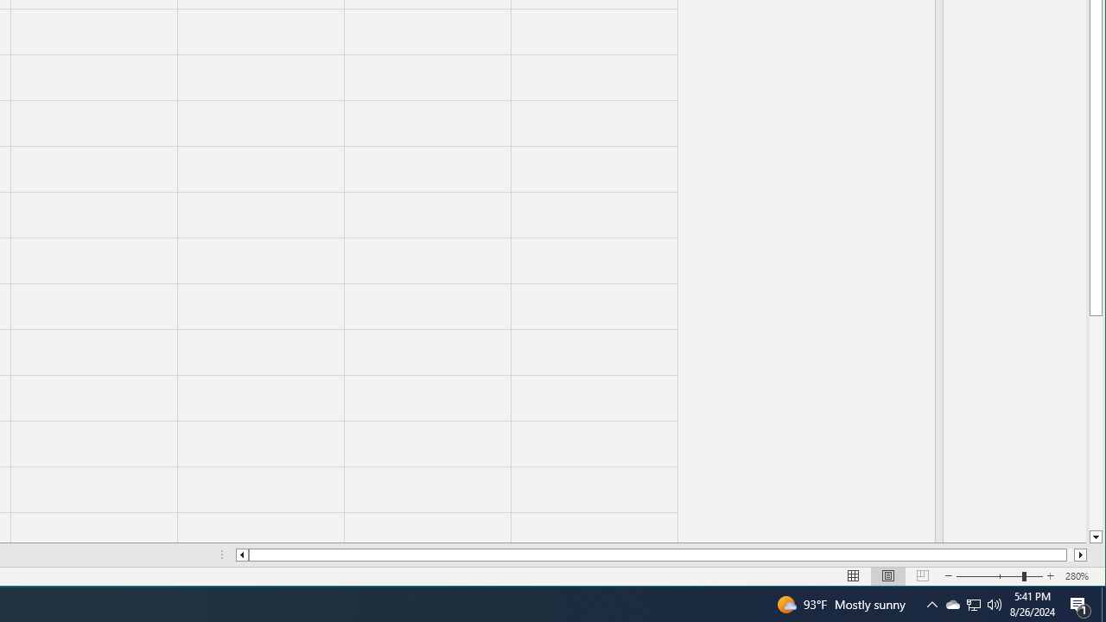 This screenshot has height=622, width=1106. What do you see at coordinates (1080, 603) in the screenshot?
I see `'Show desktop'` at bounding box center [1080, 603].